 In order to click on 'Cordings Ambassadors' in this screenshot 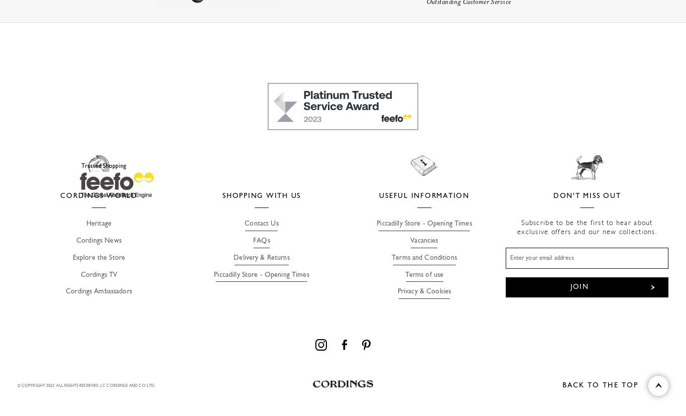, I will do `click(65, 291)`.